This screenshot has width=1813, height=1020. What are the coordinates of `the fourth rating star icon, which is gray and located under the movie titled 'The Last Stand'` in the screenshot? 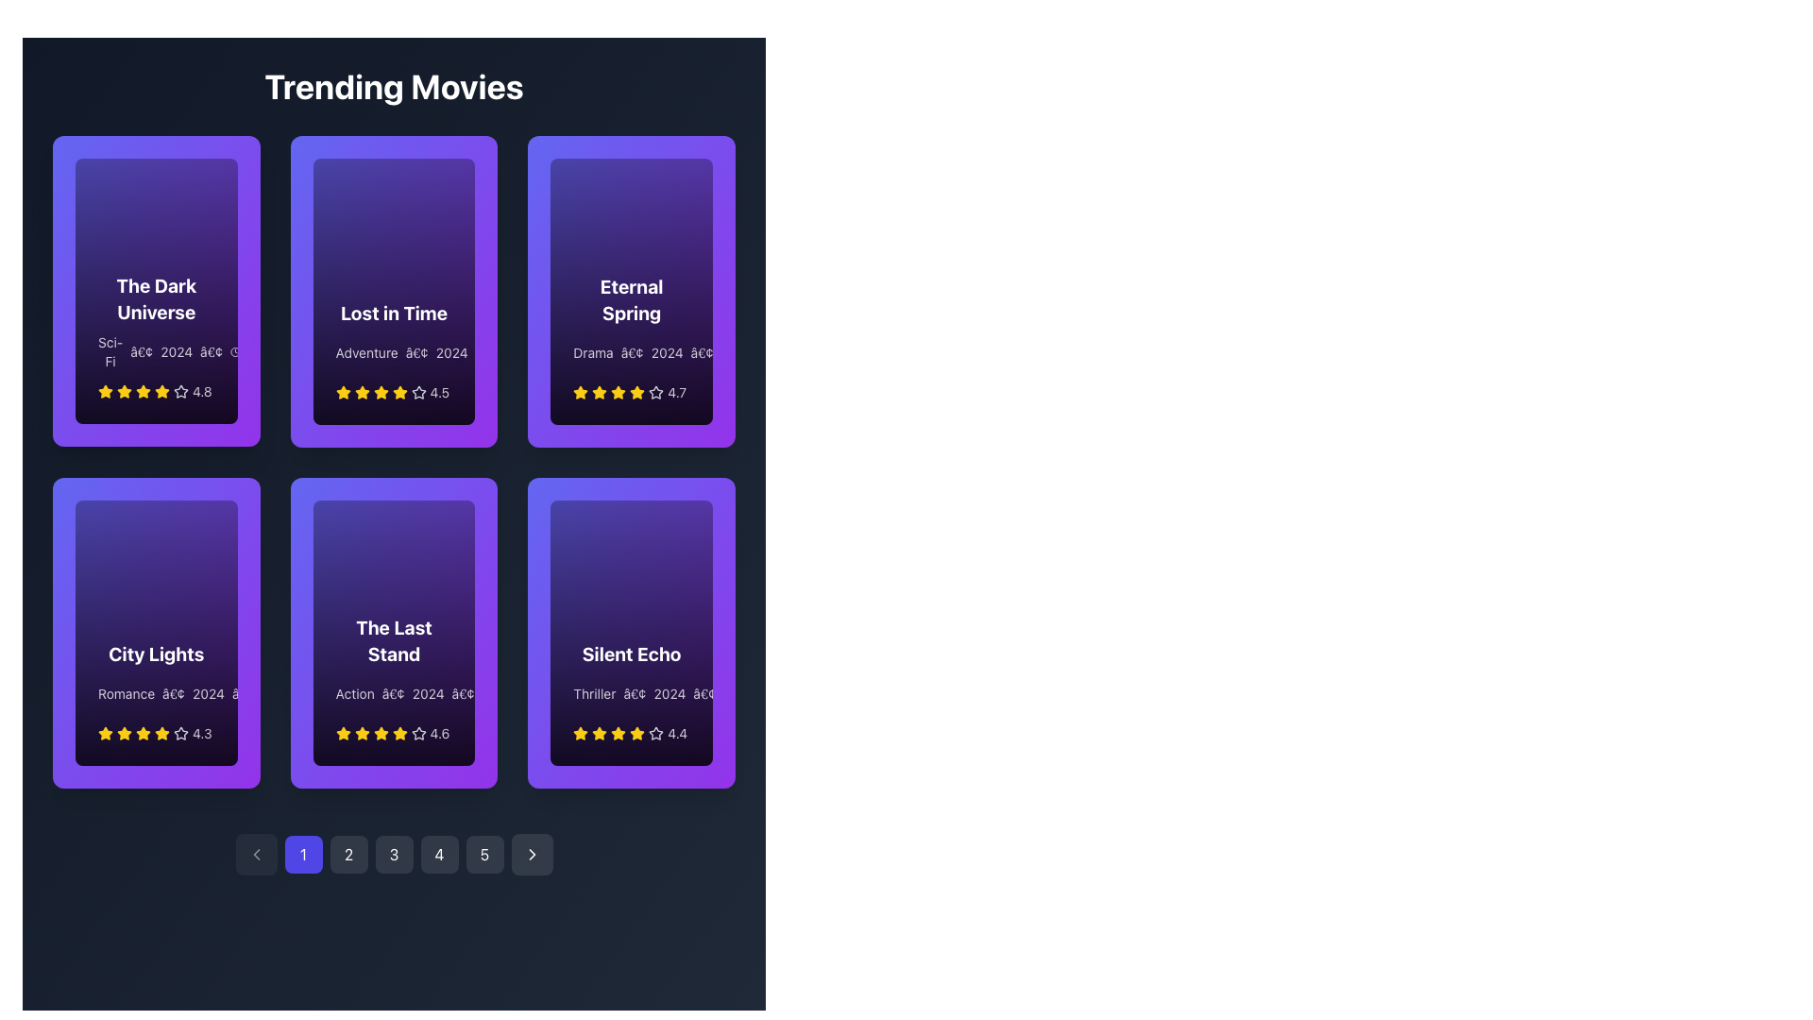 It's located at (417, 732).